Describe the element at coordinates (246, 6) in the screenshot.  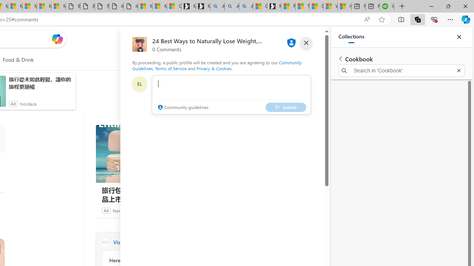
I see `'Alabama high school quarterback dies - Search Videos'` at that location.